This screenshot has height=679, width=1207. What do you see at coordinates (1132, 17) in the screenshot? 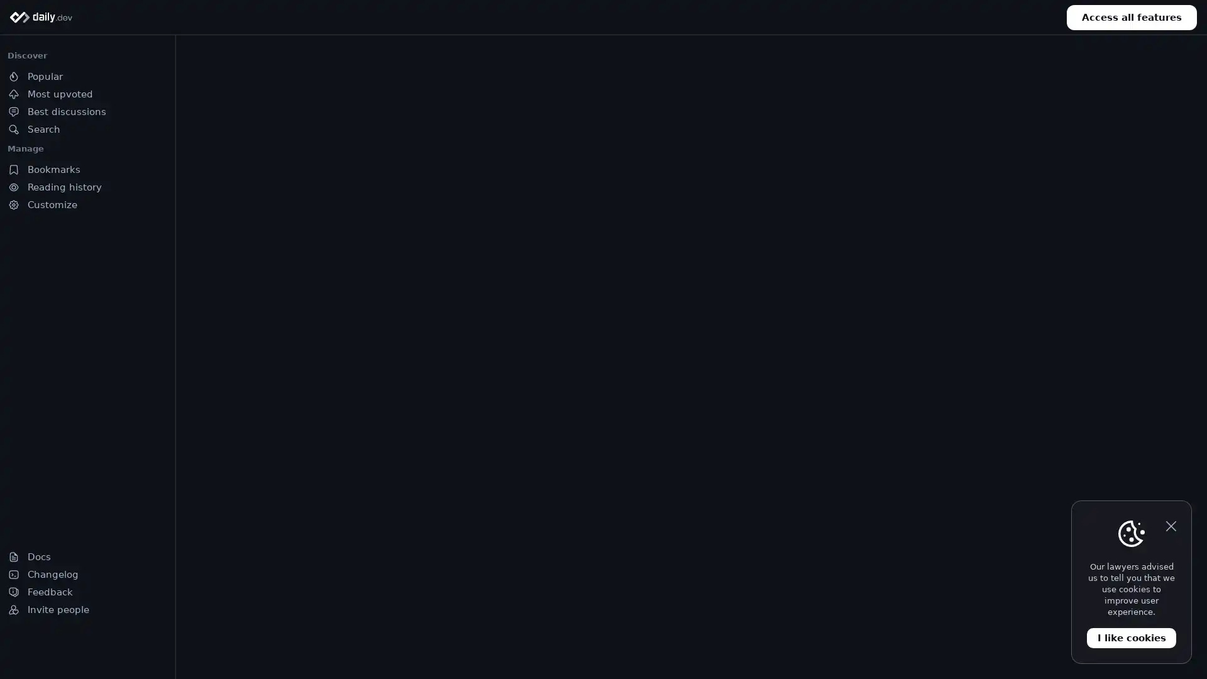
I see `Access all features` at bounding box center [1132, 17].